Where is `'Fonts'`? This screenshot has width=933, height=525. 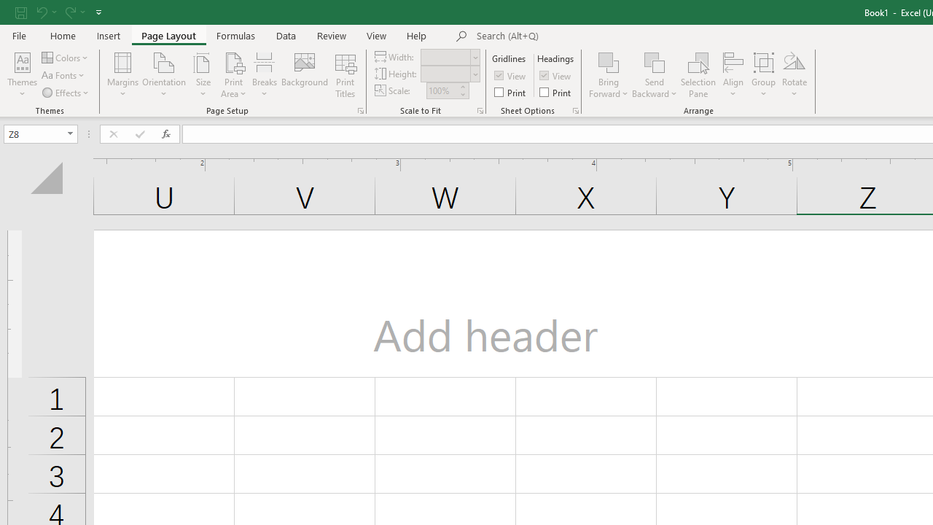 'Fonts' is located at coordinates (63, 75).